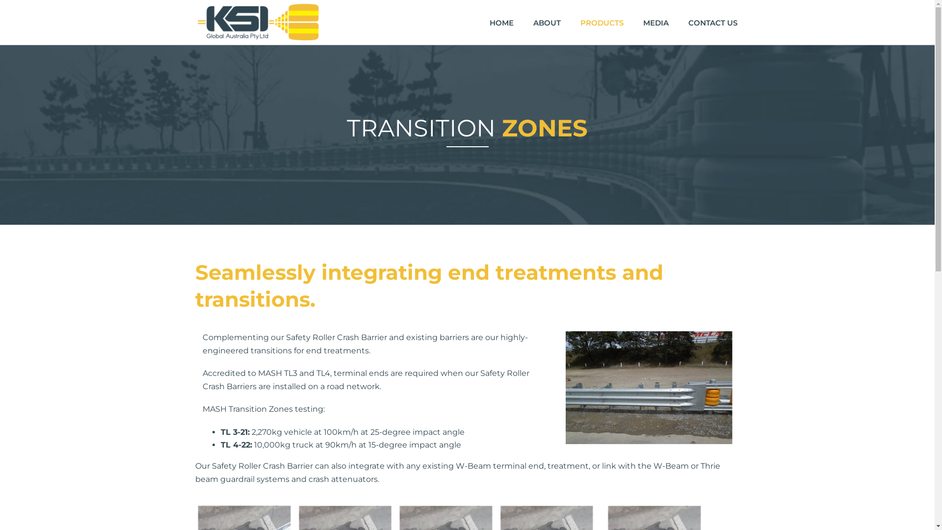 The height and width of the screenshot is (530, 942). I want to click on 'transition-img1.1', so click(648, 387).